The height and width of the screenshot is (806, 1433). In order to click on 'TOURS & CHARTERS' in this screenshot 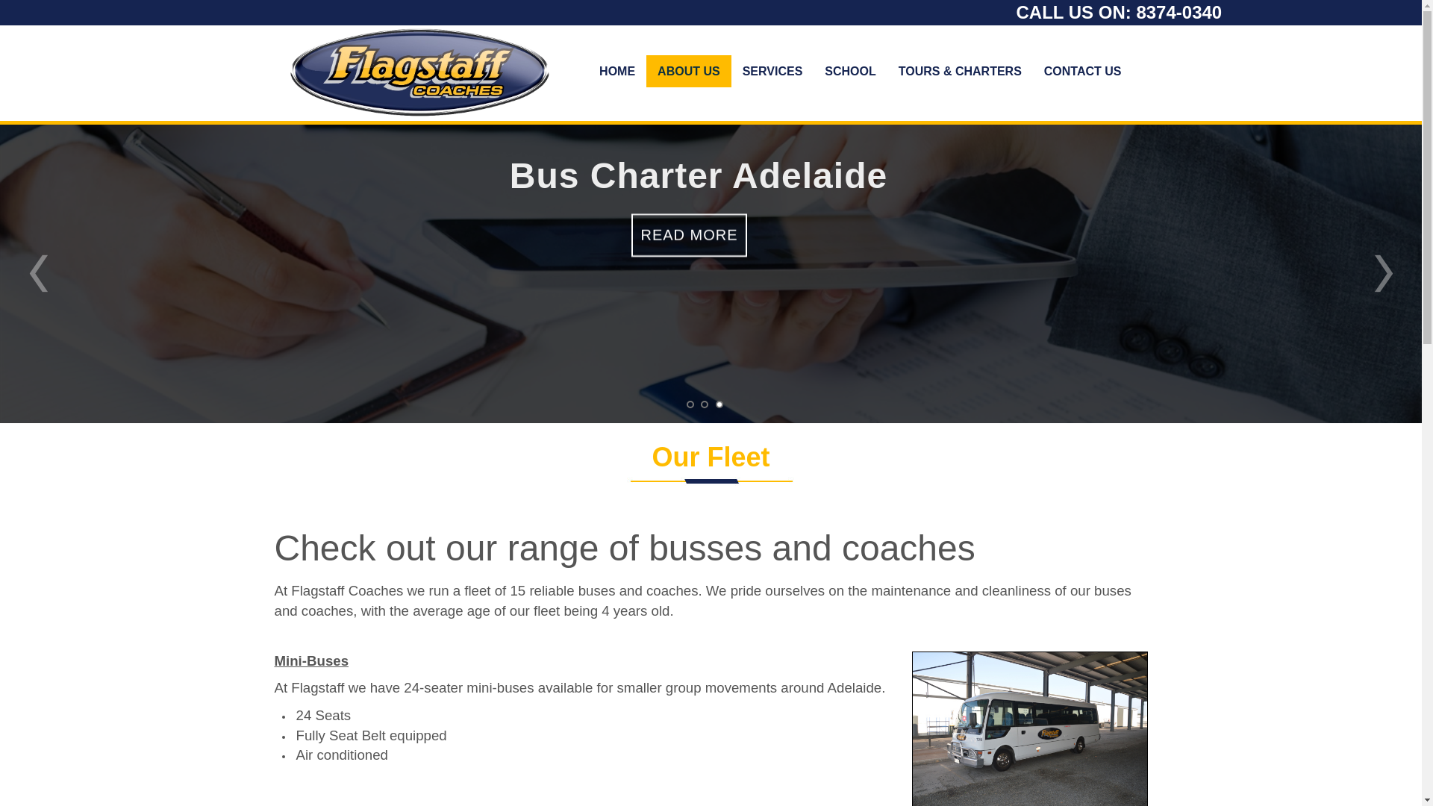, I will do `click(887, 71)`.